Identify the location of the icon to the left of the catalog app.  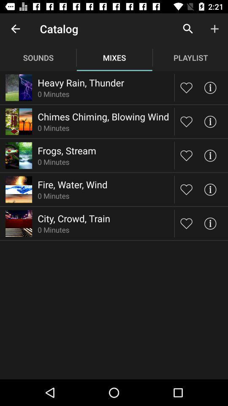
(15, 29).